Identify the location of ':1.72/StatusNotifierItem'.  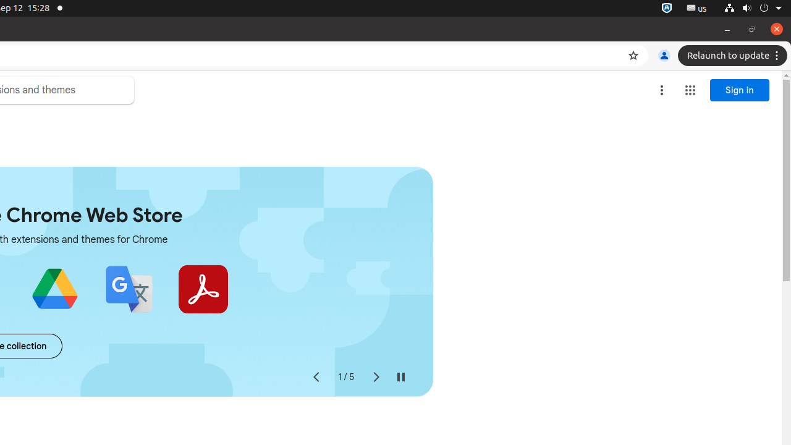
(666, 8).